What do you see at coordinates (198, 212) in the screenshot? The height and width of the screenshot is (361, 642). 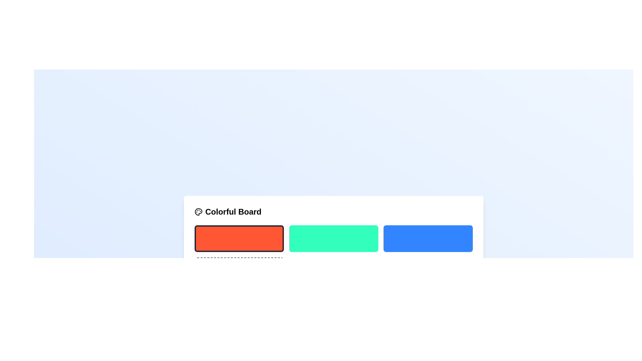 I see `the circular graphic icon resembling a color palette, located to the left of the 'Colorful Board' text` at bounding box center [198, 212].